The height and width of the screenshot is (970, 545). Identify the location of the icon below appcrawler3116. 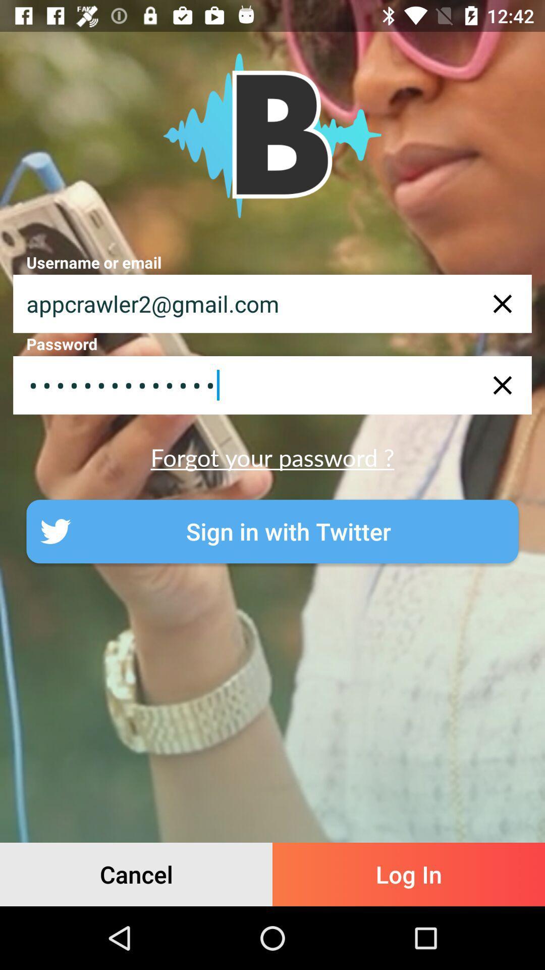
(272, 456).